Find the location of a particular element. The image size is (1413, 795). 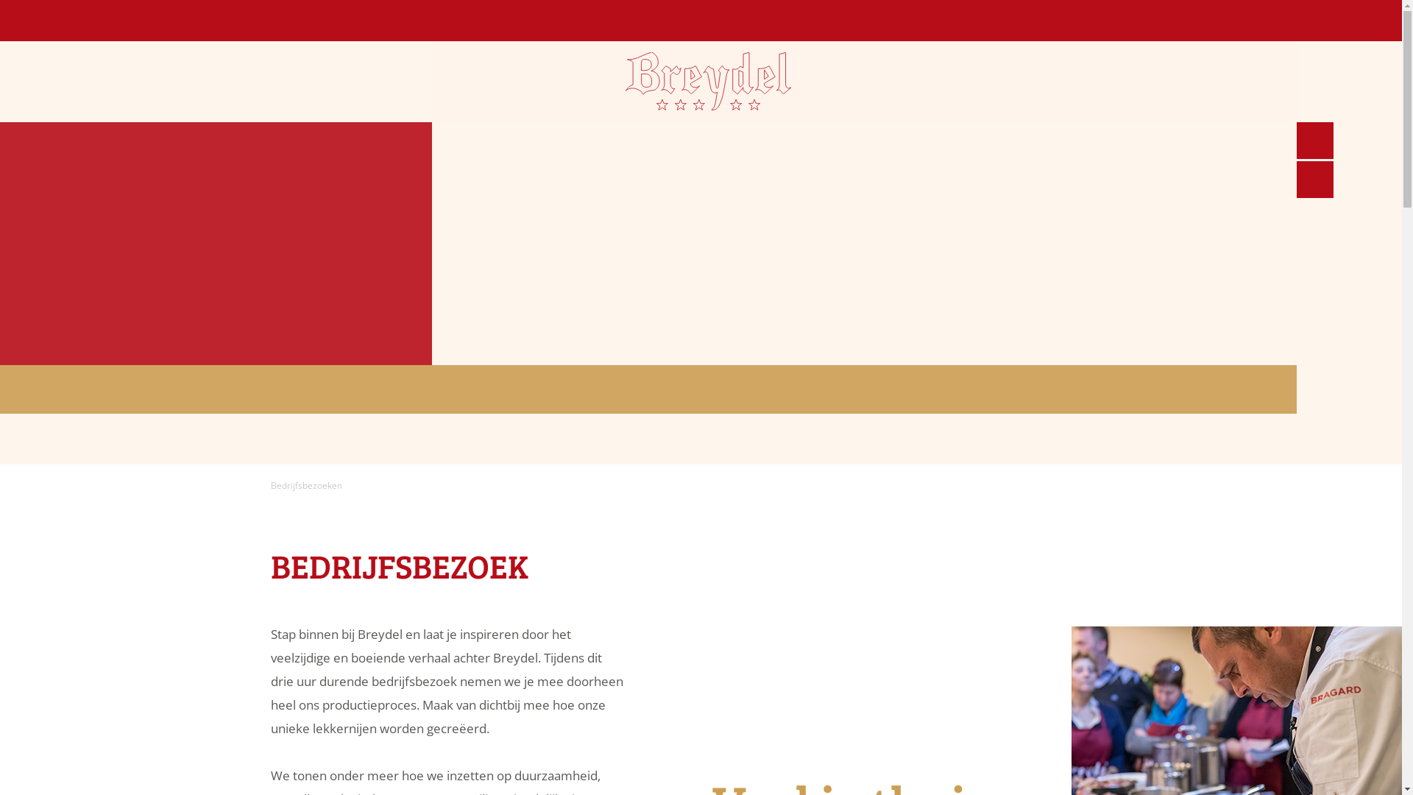

'Bedrijfsbezoeken' is located at coordinates (305, 485).